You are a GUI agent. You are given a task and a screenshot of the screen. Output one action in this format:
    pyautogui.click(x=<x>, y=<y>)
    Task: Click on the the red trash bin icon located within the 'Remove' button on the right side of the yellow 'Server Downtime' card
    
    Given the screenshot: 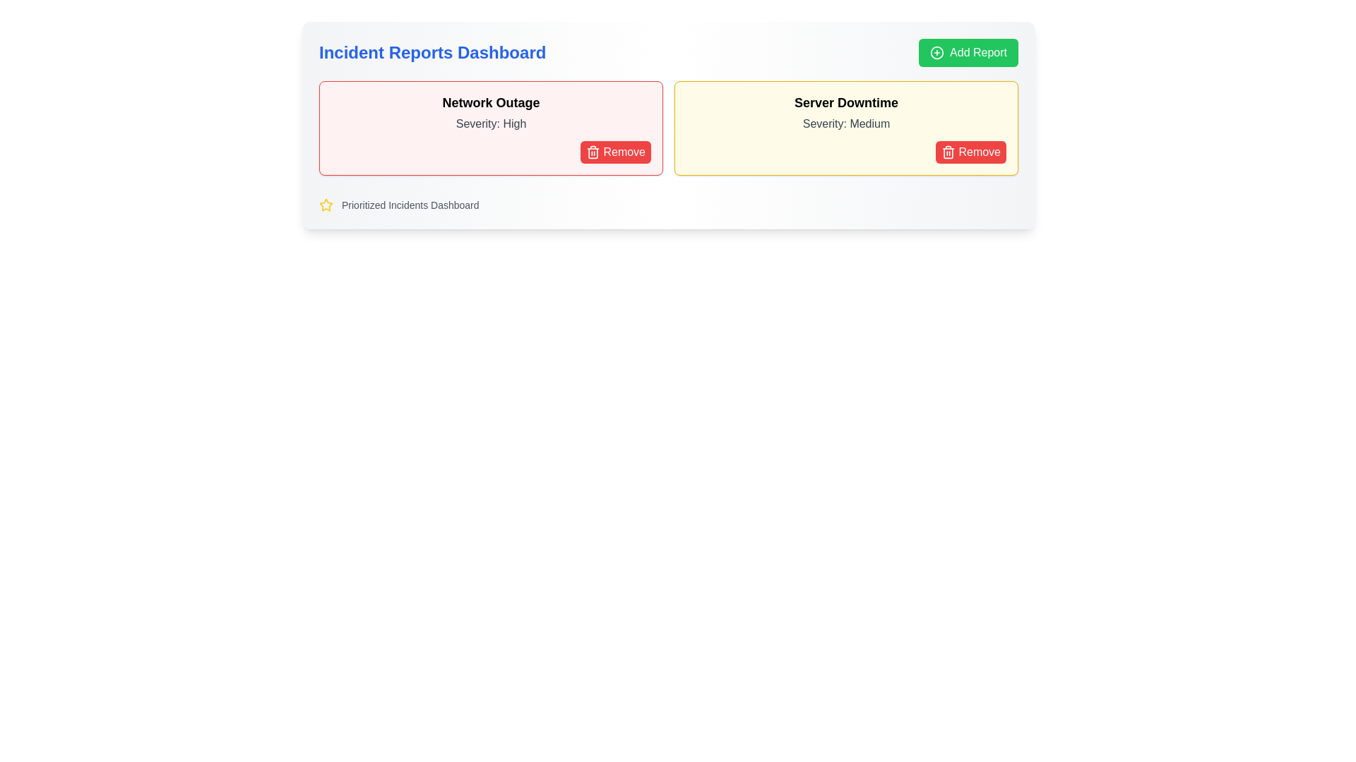 What is the action you would take?
    pyautogui.click(x=948, y=152)
    